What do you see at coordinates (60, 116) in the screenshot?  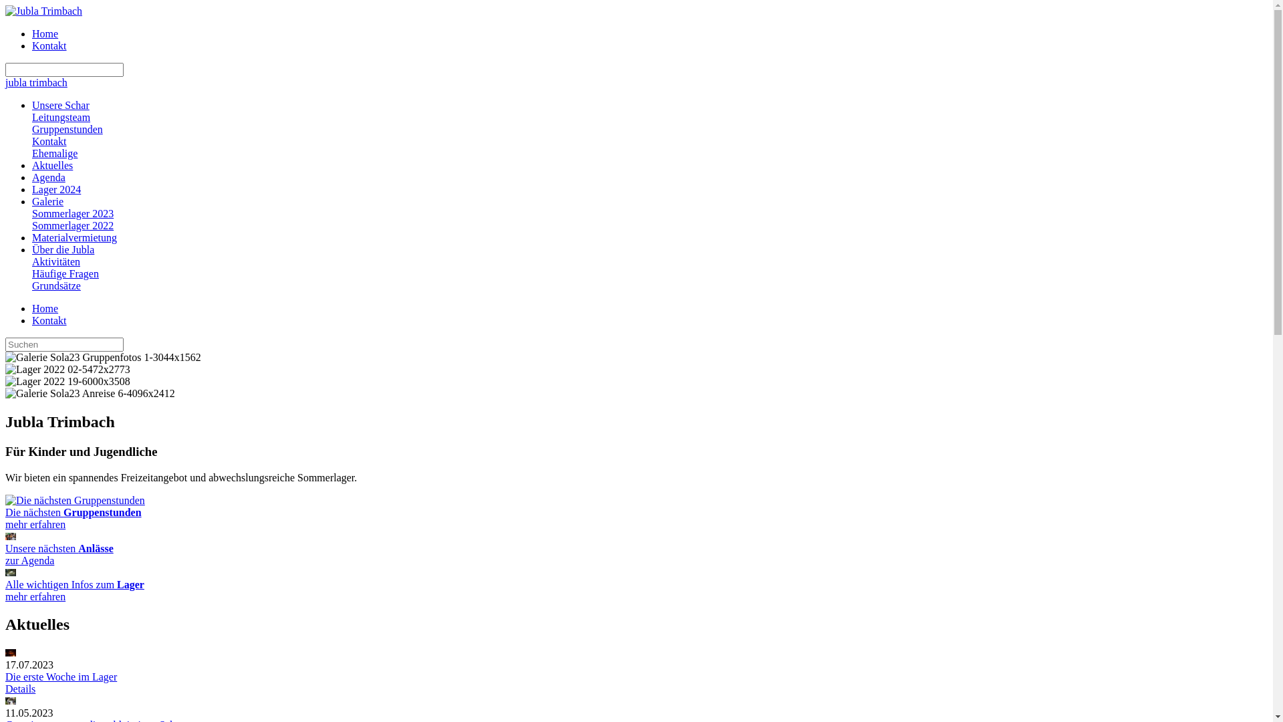 I see `'Leitungsteam'` at bounding box center [60, 116].